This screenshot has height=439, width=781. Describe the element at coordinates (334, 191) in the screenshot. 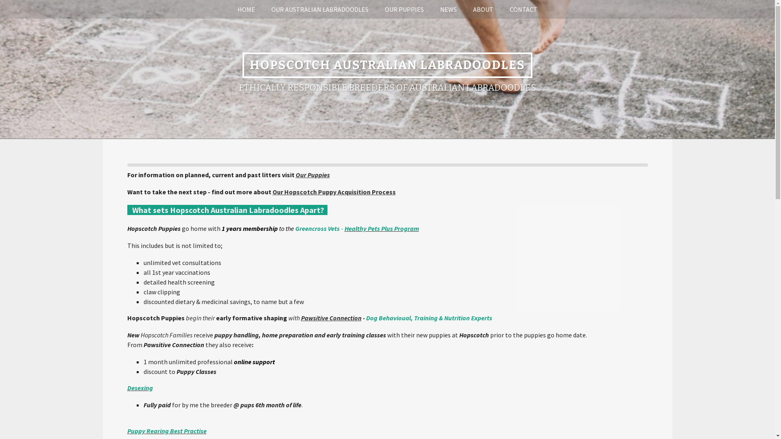

I see `'Our Hopscotch Puppy Acquisition Process'` at that location.